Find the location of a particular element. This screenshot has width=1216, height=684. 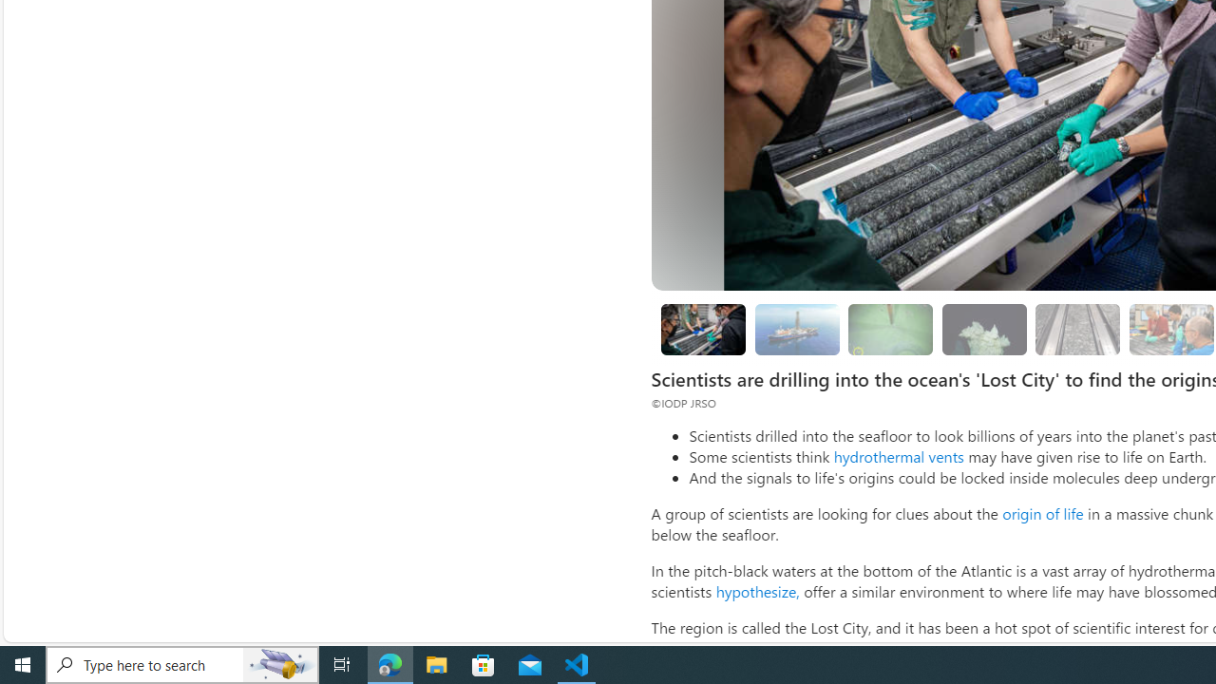

'origin of life' is located at coordinates (1041, 513).